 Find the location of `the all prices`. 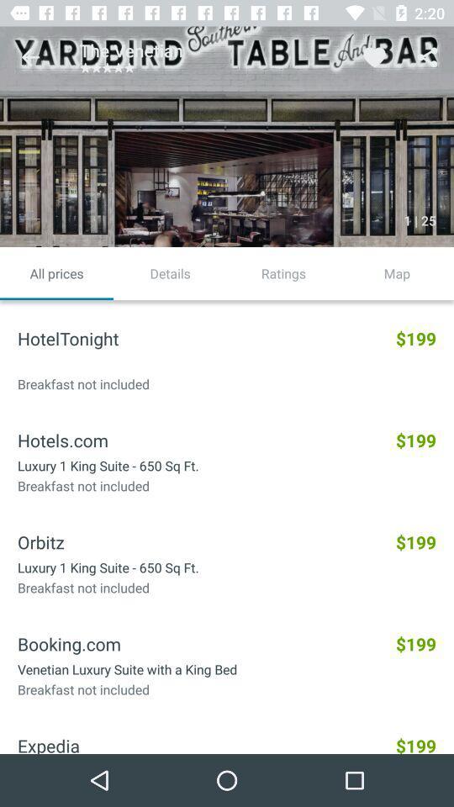

the all prices is located at coordinates (56, 273).